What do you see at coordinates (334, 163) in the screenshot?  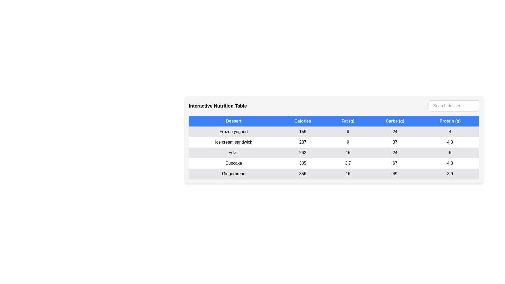 I see `the row corresponding to Cupcake` at bounding box center [334, 163].